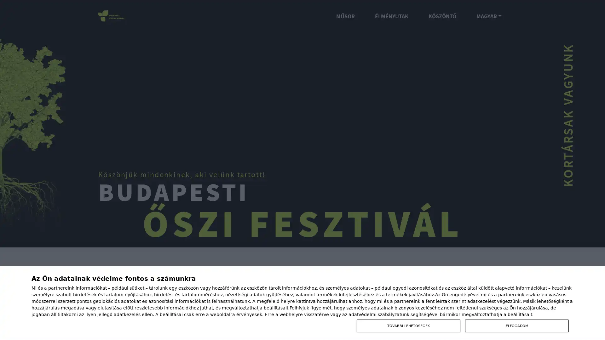  I want to click on ELFOGADOM, so click(517, 326).